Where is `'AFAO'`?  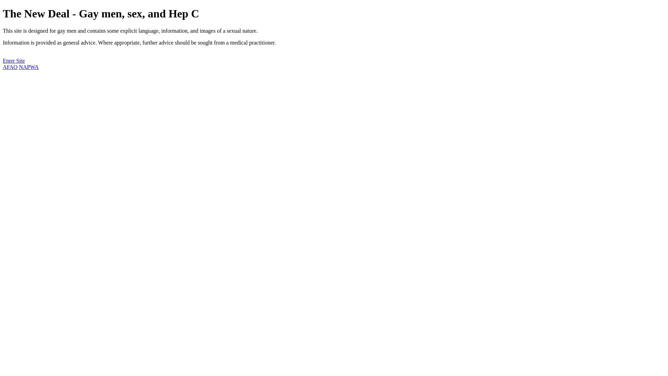
'AFAO' is located at coordinates (10, 67).